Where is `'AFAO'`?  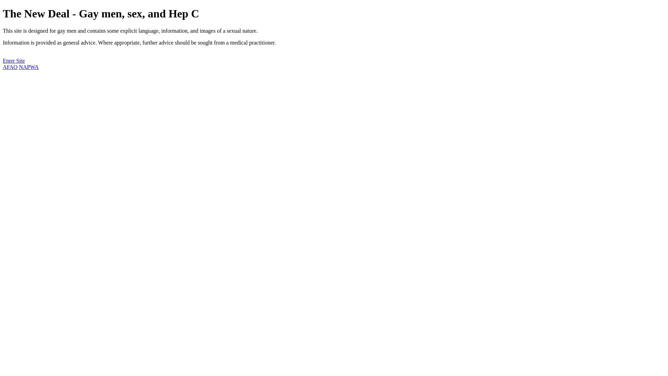
'AFAO' is located at coordinates (10, 67).